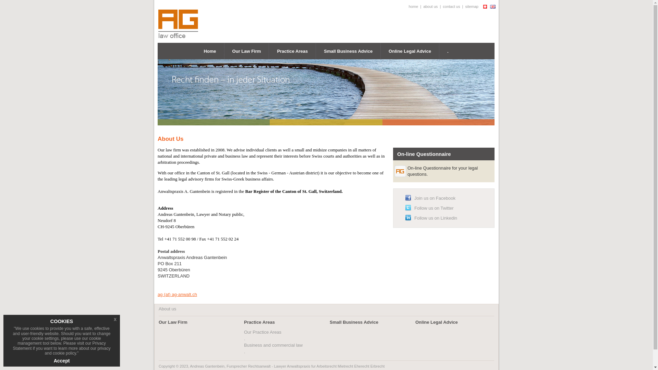  I want to click on 'Our Practice Areas', so click(262, 332).